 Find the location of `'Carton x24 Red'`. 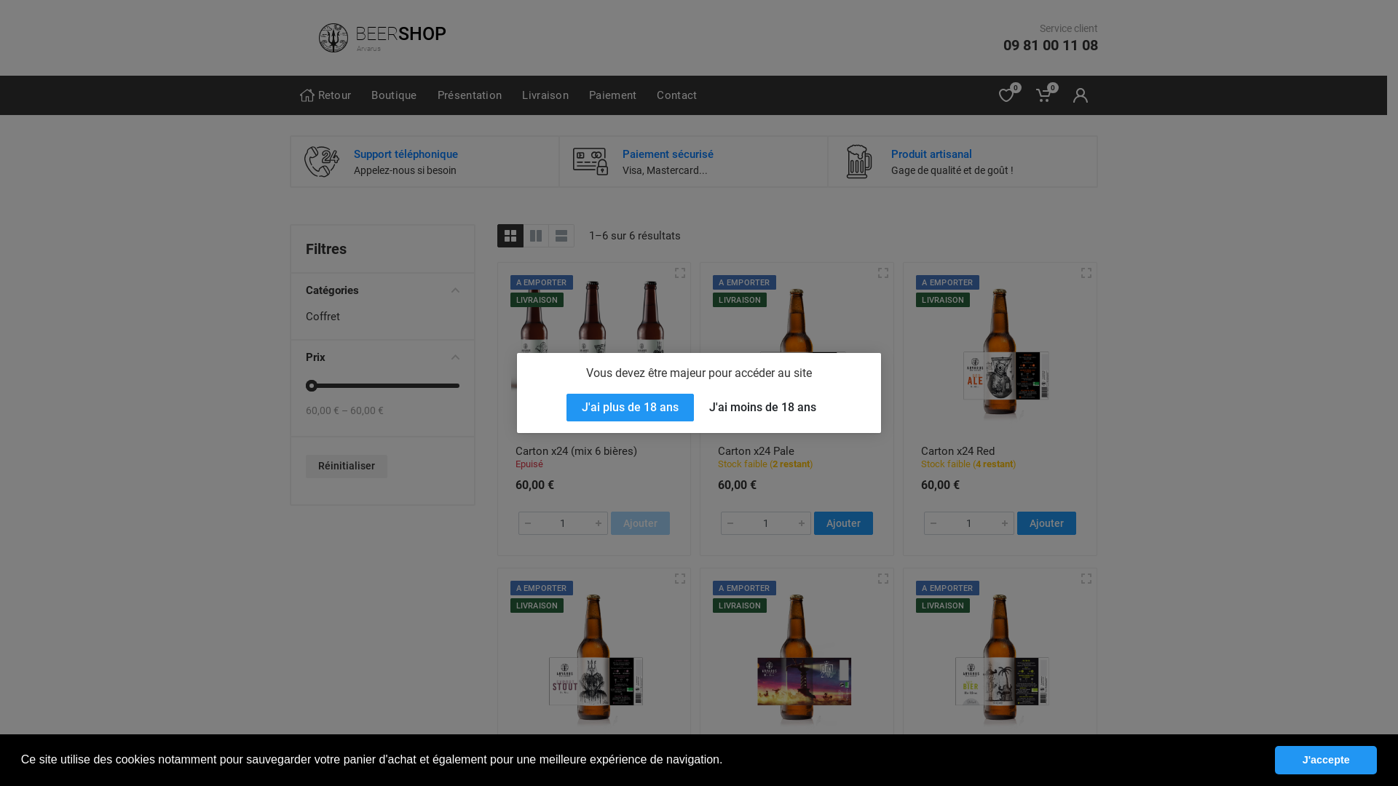

'Carton x24 Red' is located at coordinates (957, 450).